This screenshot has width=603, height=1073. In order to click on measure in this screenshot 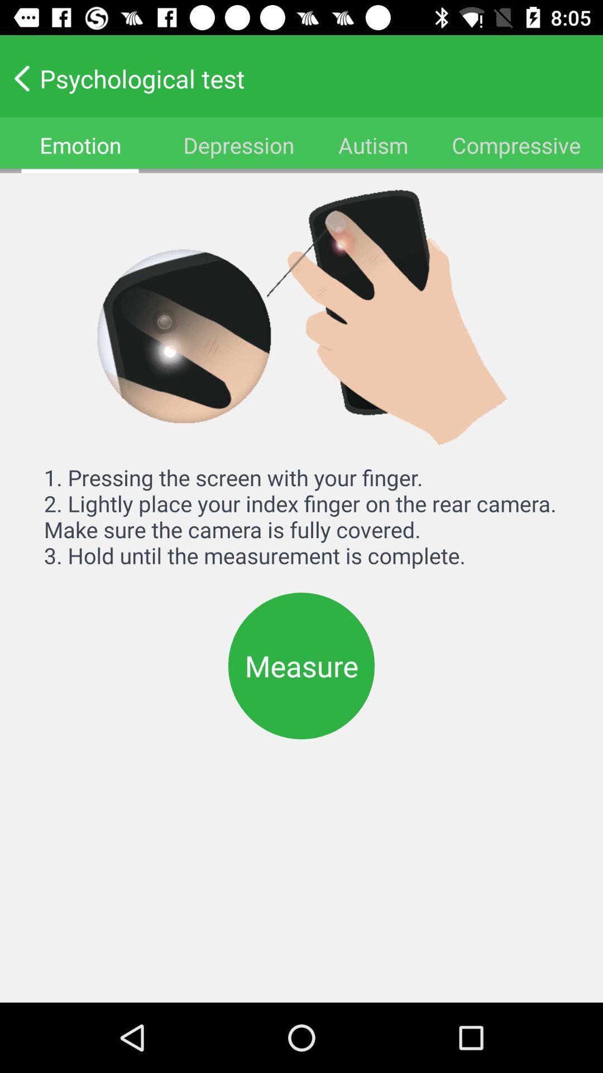, I will do `click(301, 666)`.